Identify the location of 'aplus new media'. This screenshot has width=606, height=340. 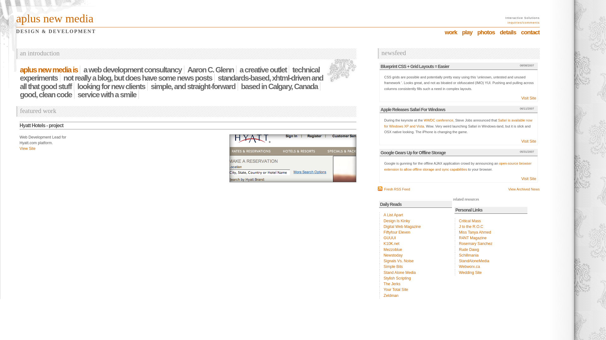
(55, 18).